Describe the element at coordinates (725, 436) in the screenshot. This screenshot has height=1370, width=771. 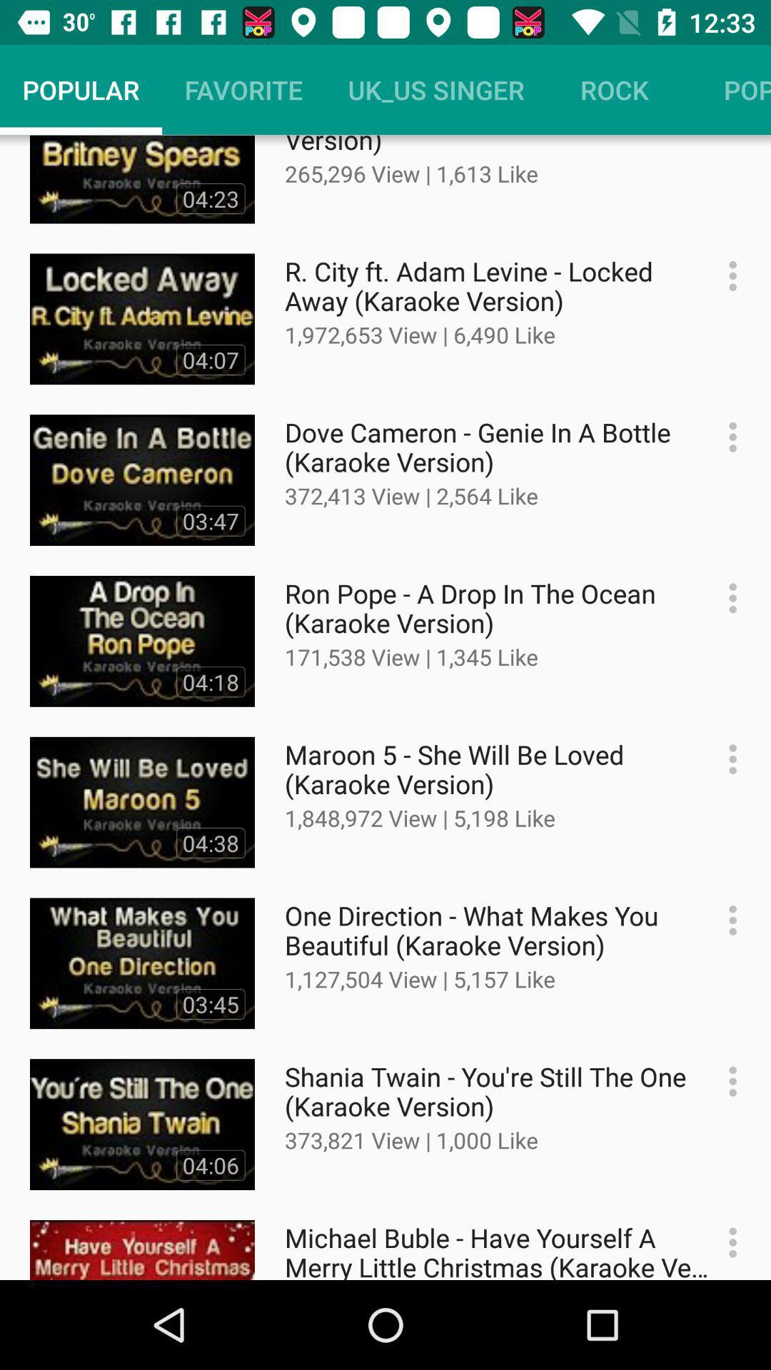
I see `show options` at that location.